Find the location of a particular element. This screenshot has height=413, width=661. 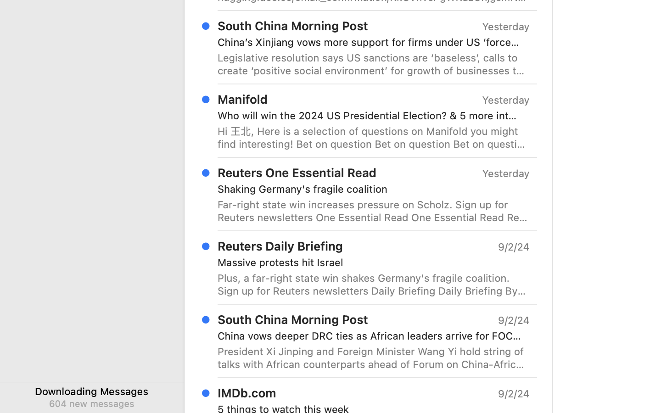

'604 new messages' is located at coordinates (91, 403).